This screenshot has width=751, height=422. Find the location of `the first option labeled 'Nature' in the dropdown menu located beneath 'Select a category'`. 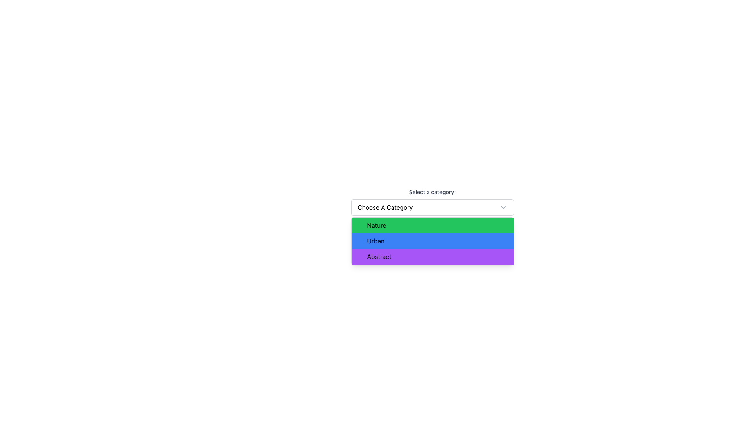

the first option labeled 'Nature' in the dropdown menu located beneath 'Select a category' is located at coordinates (432, 225).